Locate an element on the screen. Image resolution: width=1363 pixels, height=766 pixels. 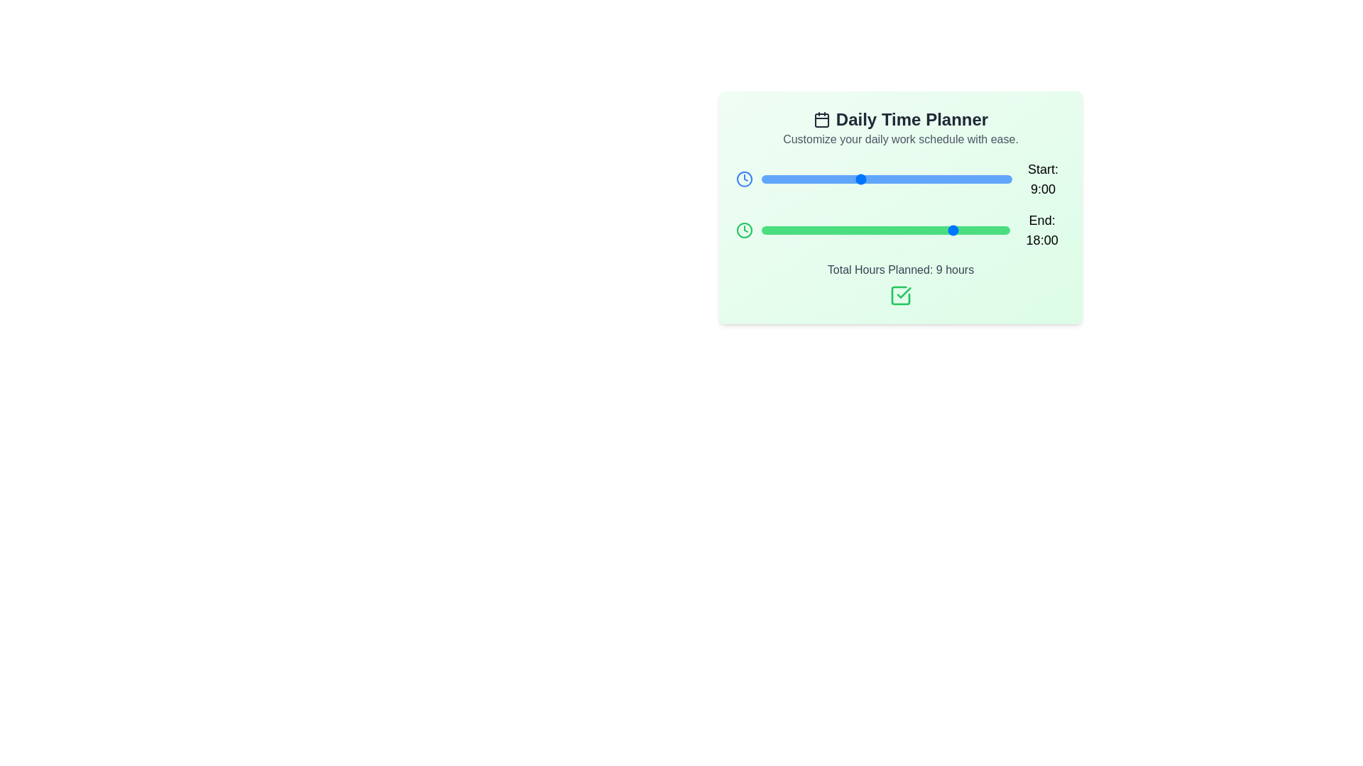
the checkbox icon in the footer is located at coordinates (899, 294).